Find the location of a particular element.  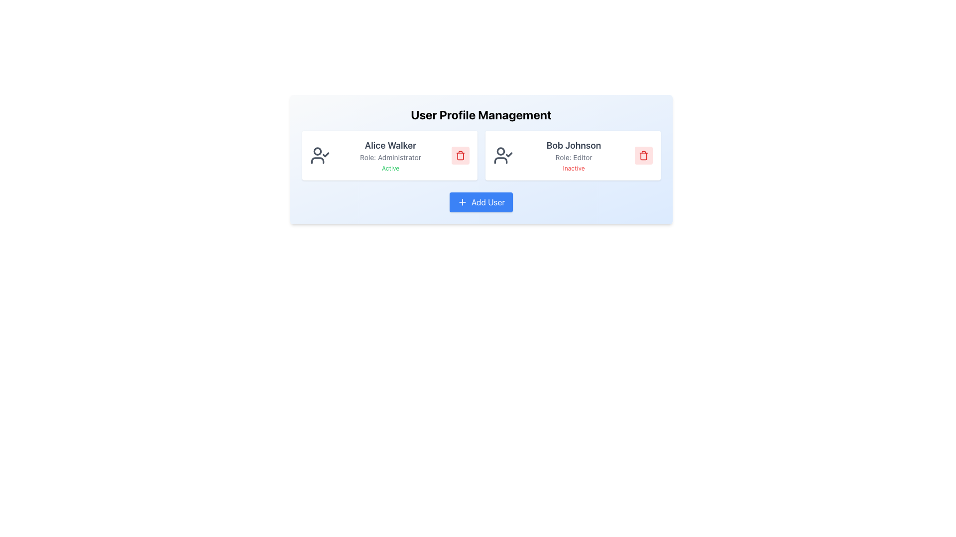

the delete button styled with a light red background and a trash can icon is located at coordinates (643, 155).